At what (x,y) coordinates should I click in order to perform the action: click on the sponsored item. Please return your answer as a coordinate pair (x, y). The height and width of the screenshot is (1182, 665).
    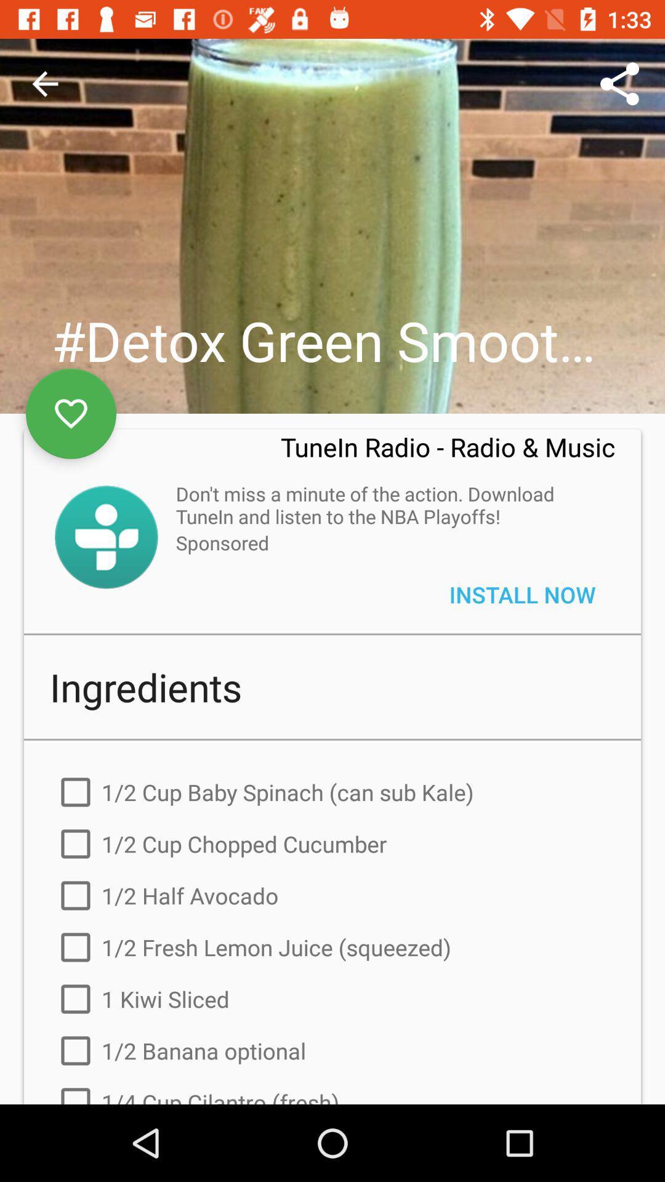
    Looking at the image, I should click on (222, 542).